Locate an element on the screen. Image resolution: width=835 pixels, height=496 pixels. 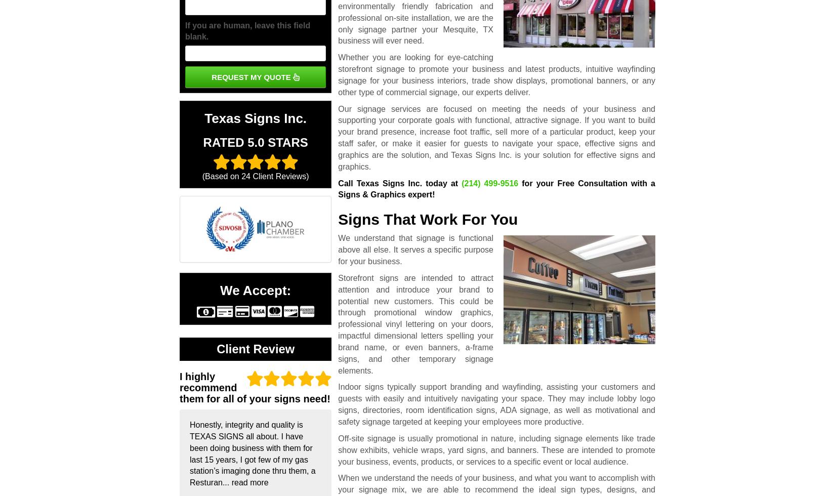
'We Accept:' is located at coordinates (255, 290).